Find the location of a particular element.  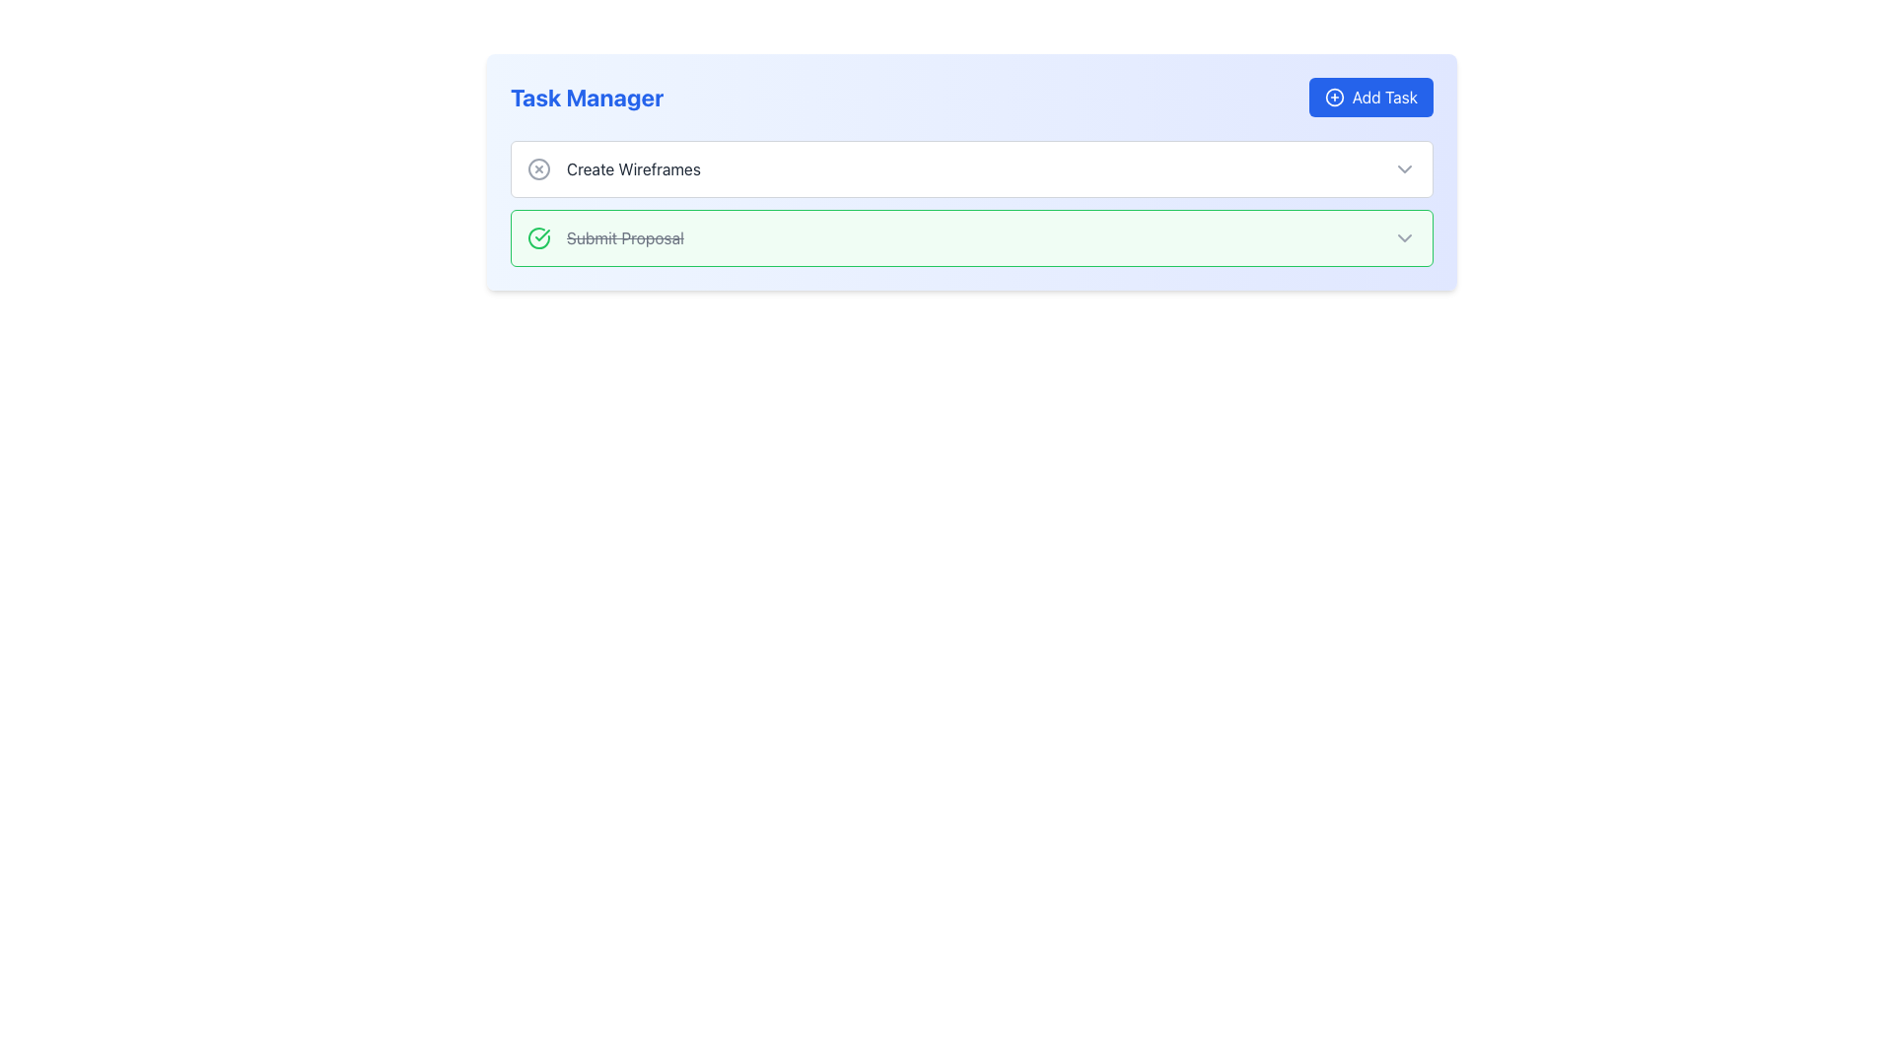

the blue 'Add Task' button with rounded corners located at the top-right corner of the interface is located at coordinates (1369, 98).